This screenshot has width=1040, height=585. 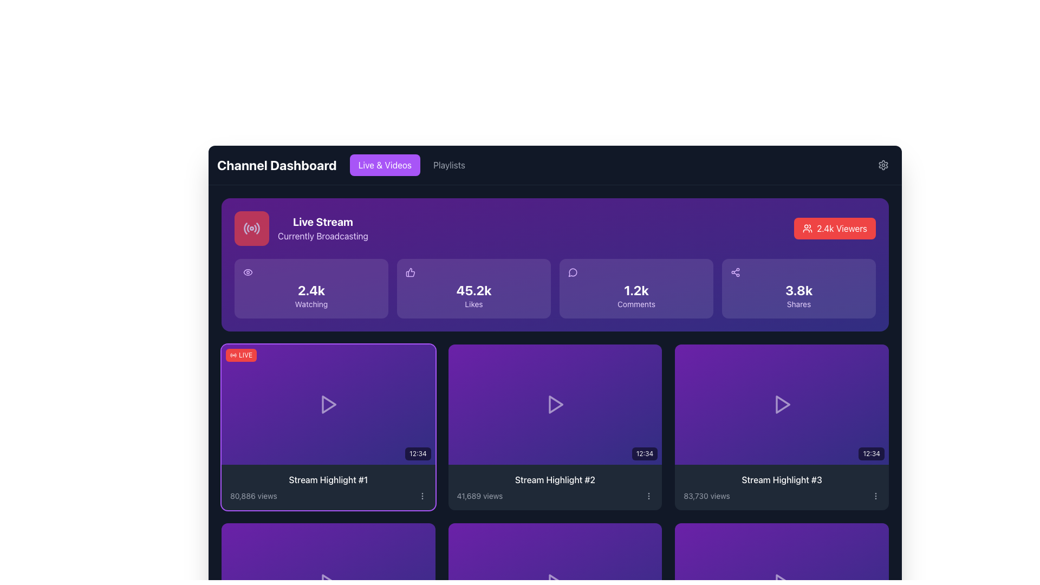 I want to click on the leftmost icon representing user comments in the purple cards area, specifically in the card labeled '1.2k Comments', so click(x=572, y=271).